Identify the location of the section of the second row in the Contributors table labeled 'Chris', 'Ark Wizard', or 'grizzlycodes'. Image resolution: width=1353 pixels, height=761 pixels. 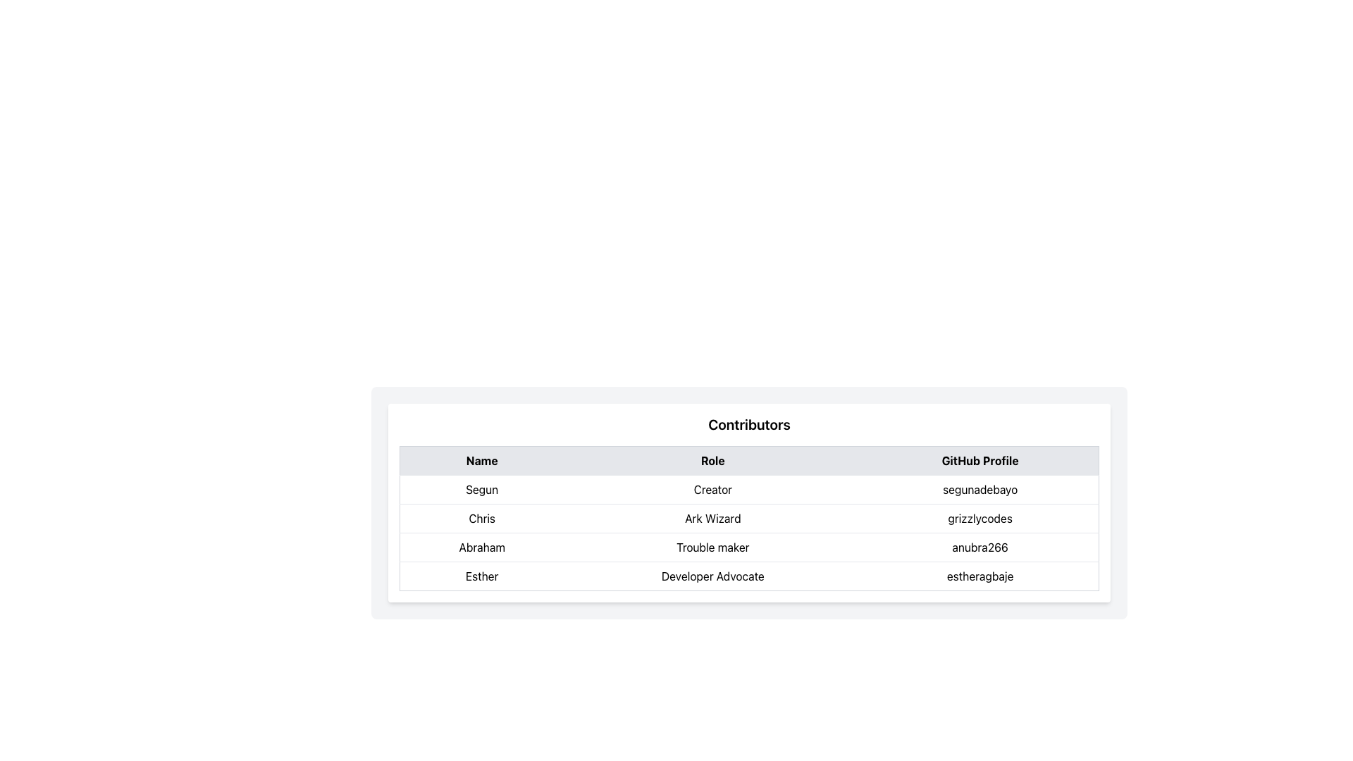
(748, 519).